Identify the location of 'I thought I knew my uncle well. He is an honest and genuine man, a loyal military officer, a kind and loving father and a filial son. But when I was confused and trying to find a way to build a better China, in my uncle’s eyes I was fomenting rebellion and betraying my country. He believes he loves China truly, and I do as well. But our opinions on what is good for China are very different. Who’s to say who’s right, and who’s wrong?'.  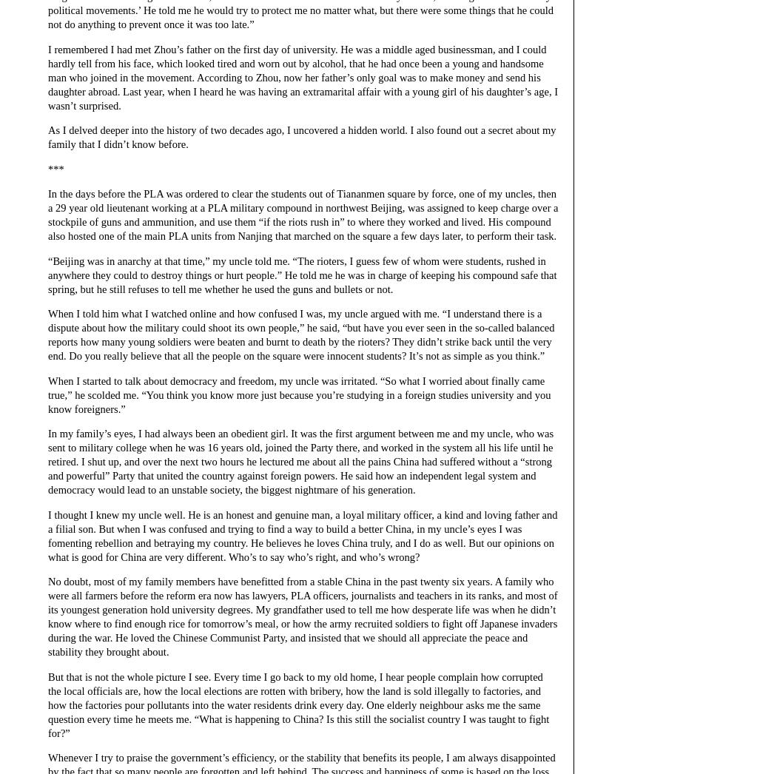
(302, 535).